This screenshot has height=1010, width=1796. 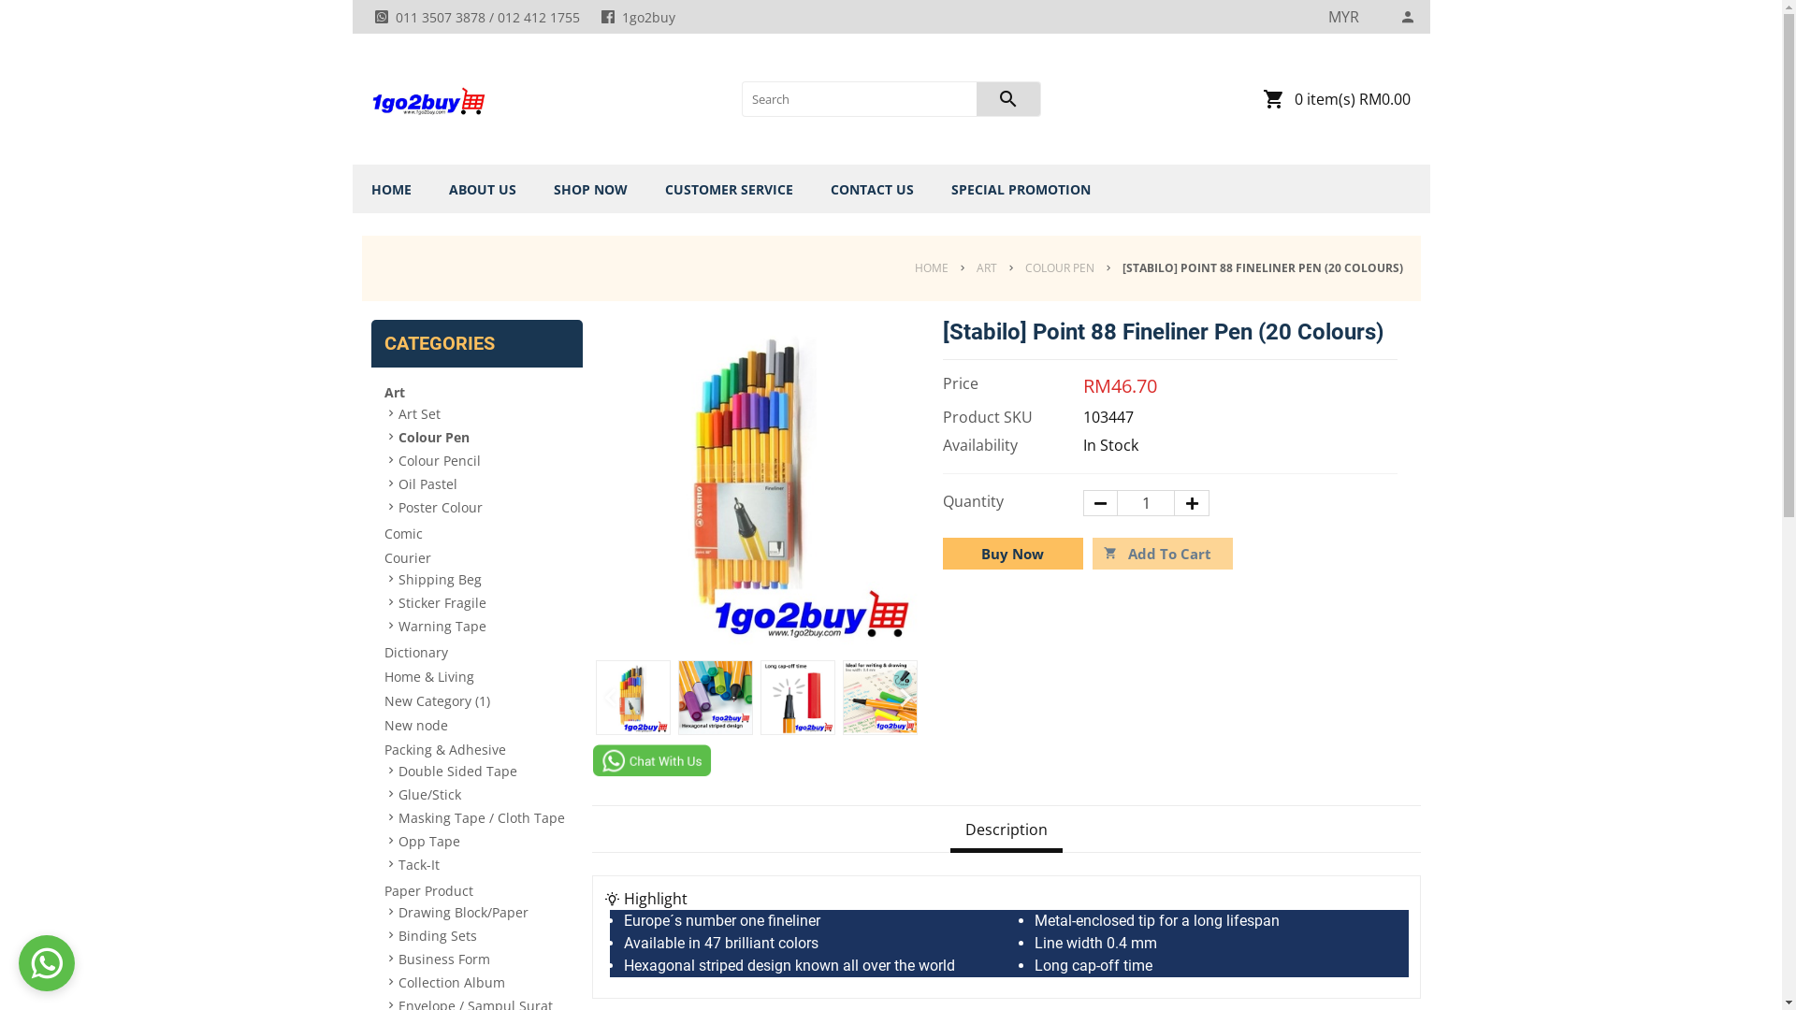 I want to click on 'Paper Product', so click(x=382, y=889).